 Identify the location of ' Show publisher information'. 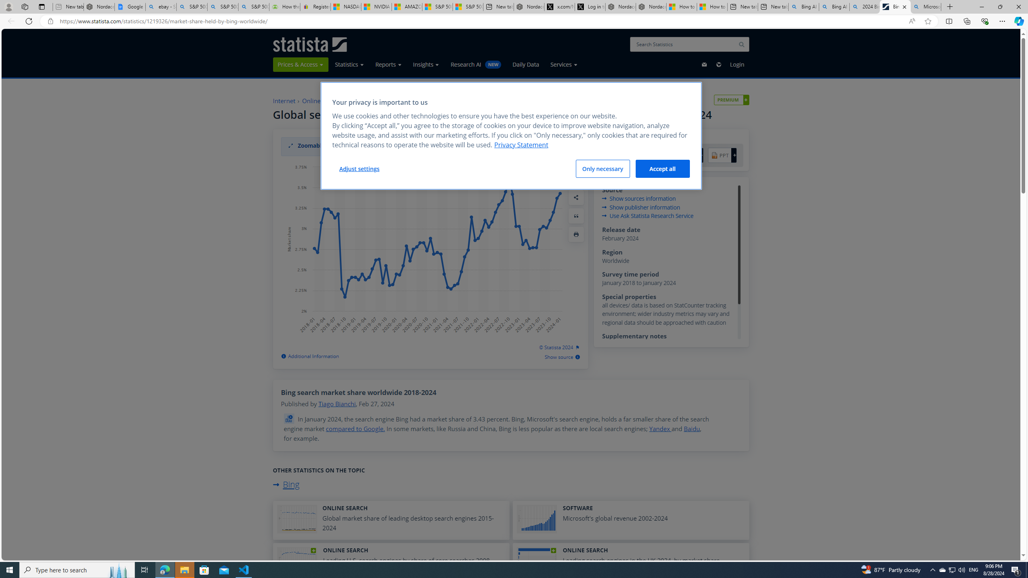
(641, 206).